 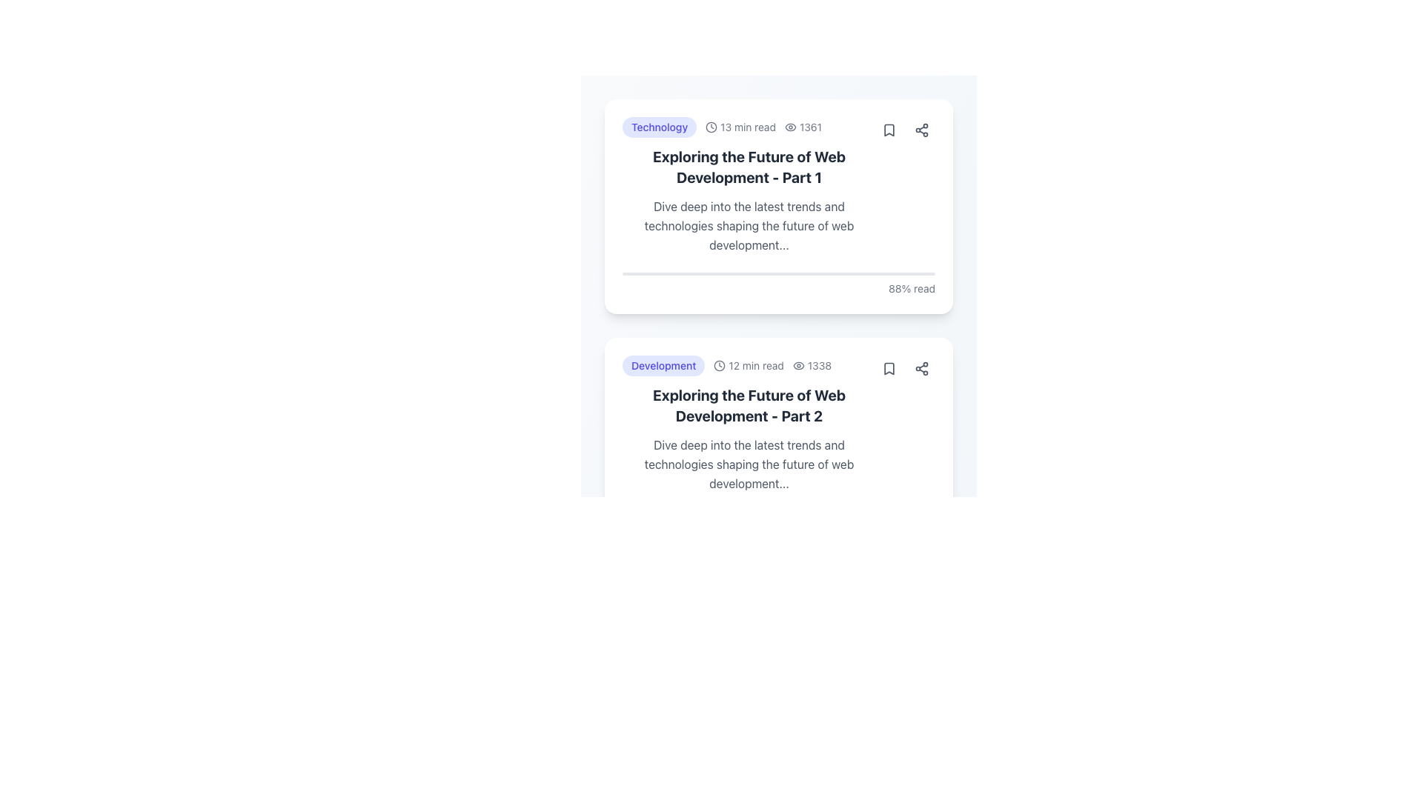 What do you see at coordinates (803, 127) in the screenshot?
I see `the Label/Text Display that shows numerical data related` at bounding box center [803, 127].